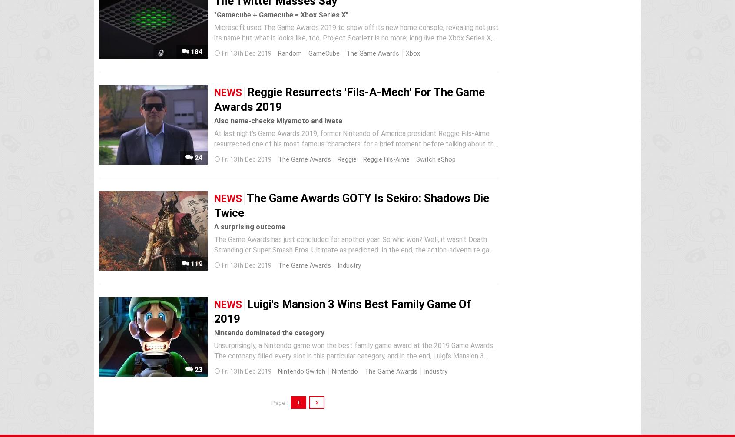  What do you see at coordinates (356, 149) in the screenshot?
I see `'At last night's Game Awards 2019, former Nintendo of America president Reggie Fils-Aime resurrected one of his most famous 'characters' for a brief moment before talking about the importance of indie gaming and handing over an award to the makers of Disco Elysium. 
Reggie marched on-stage wearing a pair of...'` at bounding box center [356, 149].